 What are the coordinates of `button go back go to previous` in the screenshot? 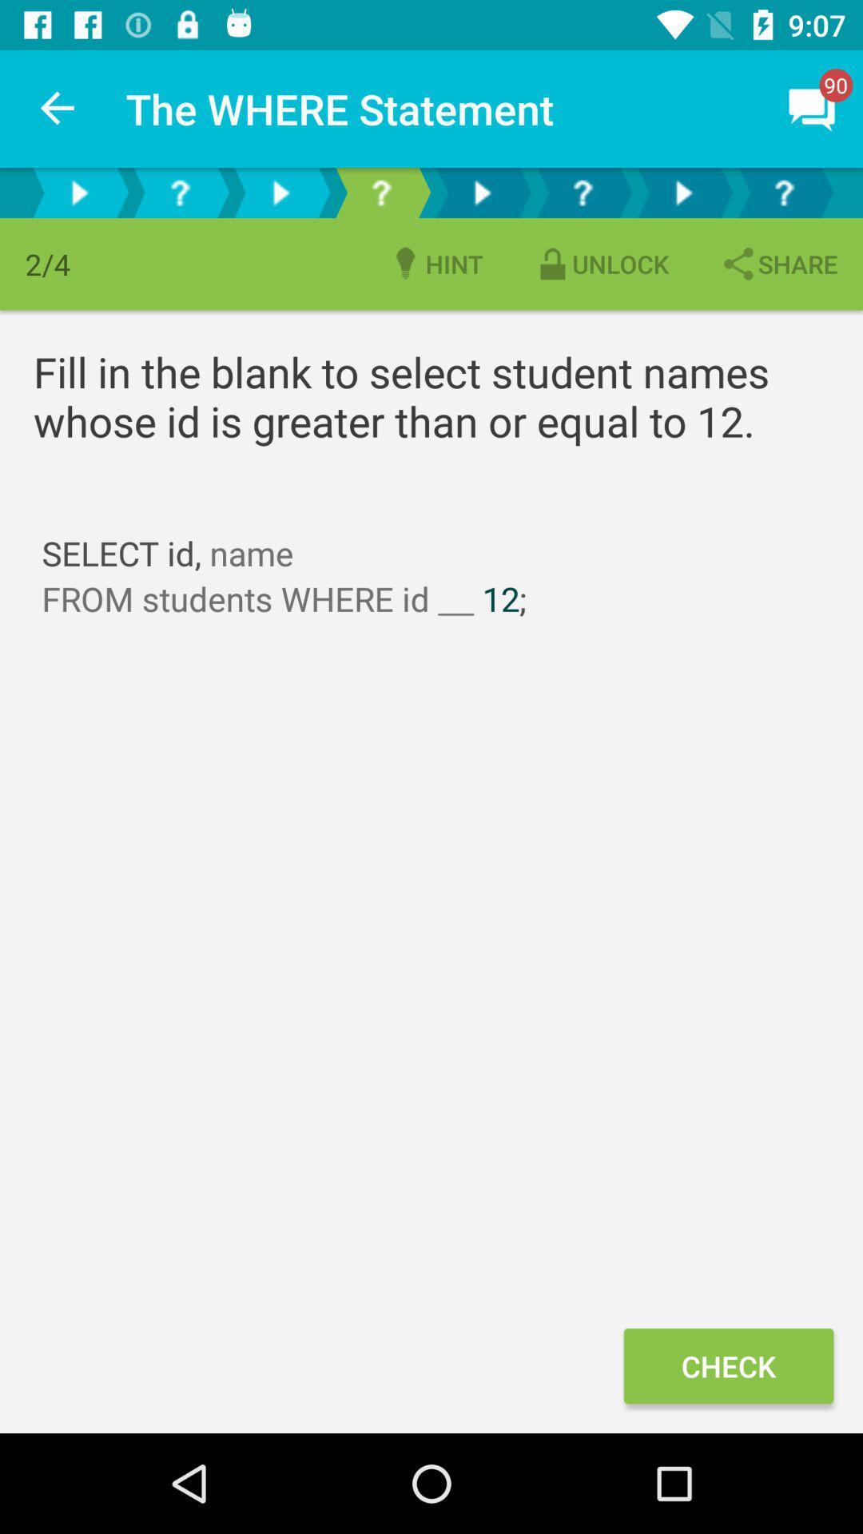 It's located at (280, 192).